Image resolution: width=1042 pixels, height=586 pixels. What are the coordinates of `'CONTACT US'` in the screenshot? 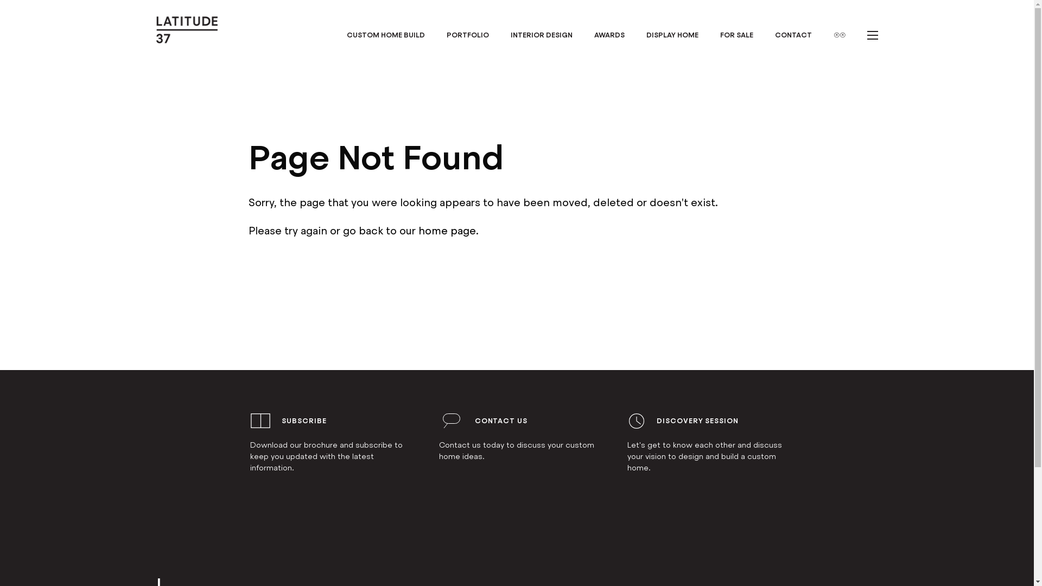 It's located at (500, 420).